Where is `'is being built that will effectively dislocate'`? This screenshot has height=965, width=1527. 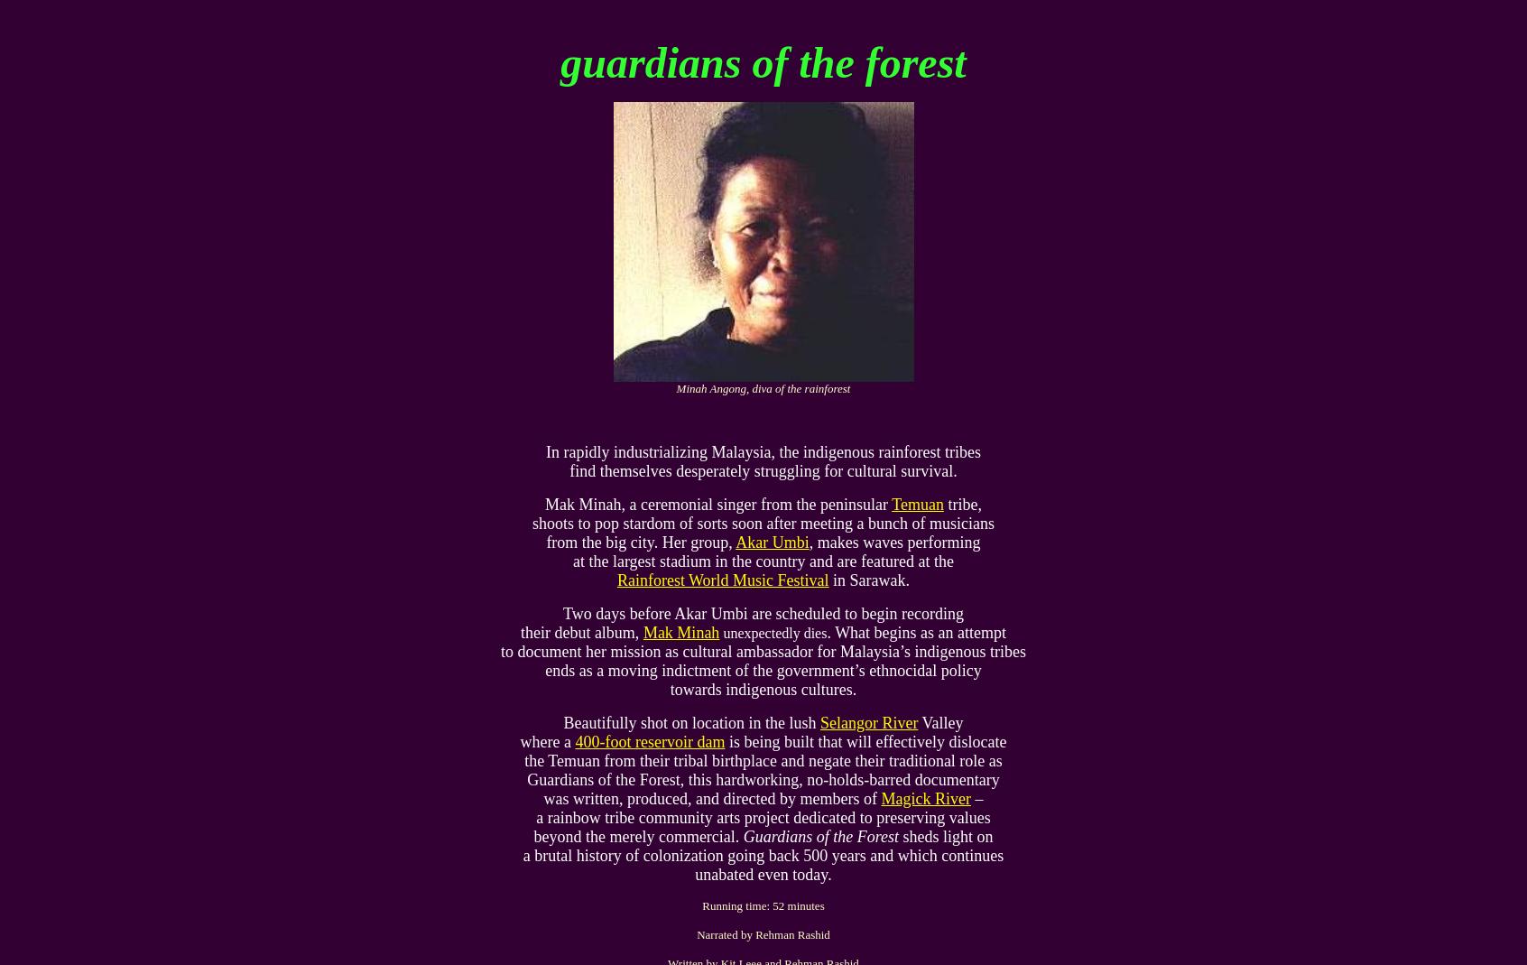
'is being built that will effectively dislocate' is located at coordinates (865, 741).